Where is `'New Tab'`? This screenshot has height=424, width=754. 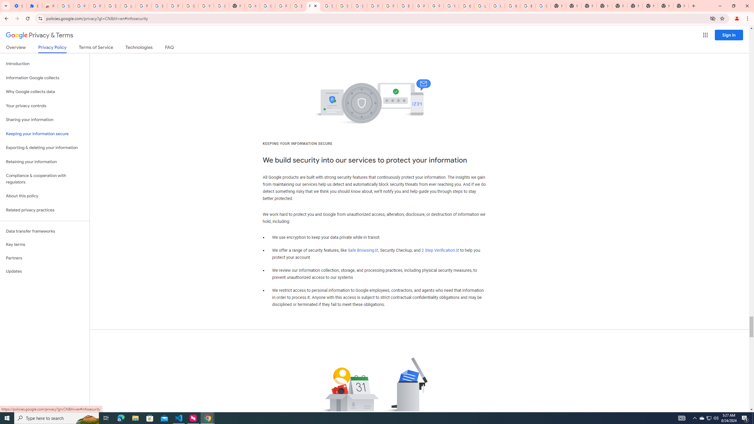 'New Tab' is located at coordinates (681, 6).